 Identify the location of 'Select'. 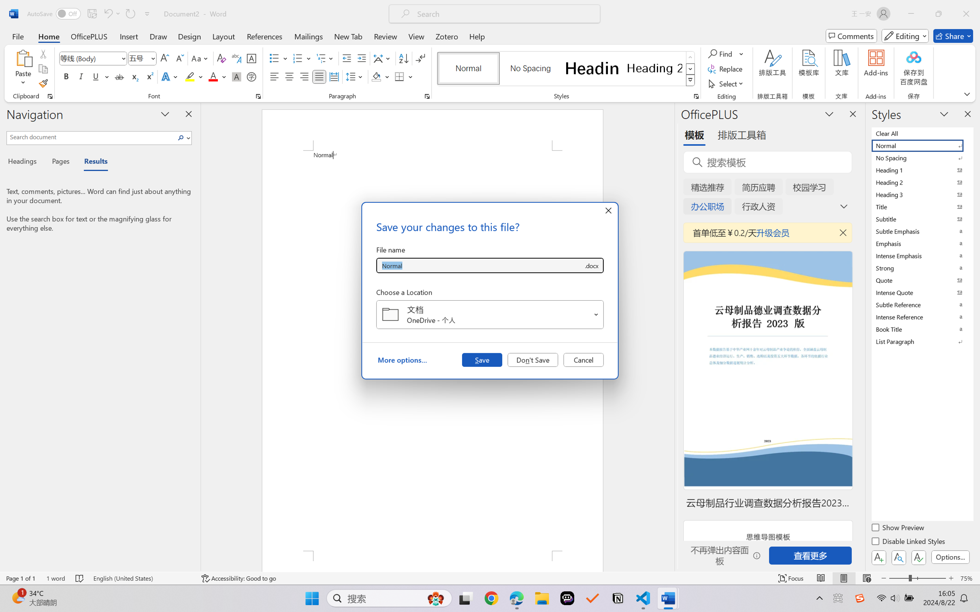
(727, 84).